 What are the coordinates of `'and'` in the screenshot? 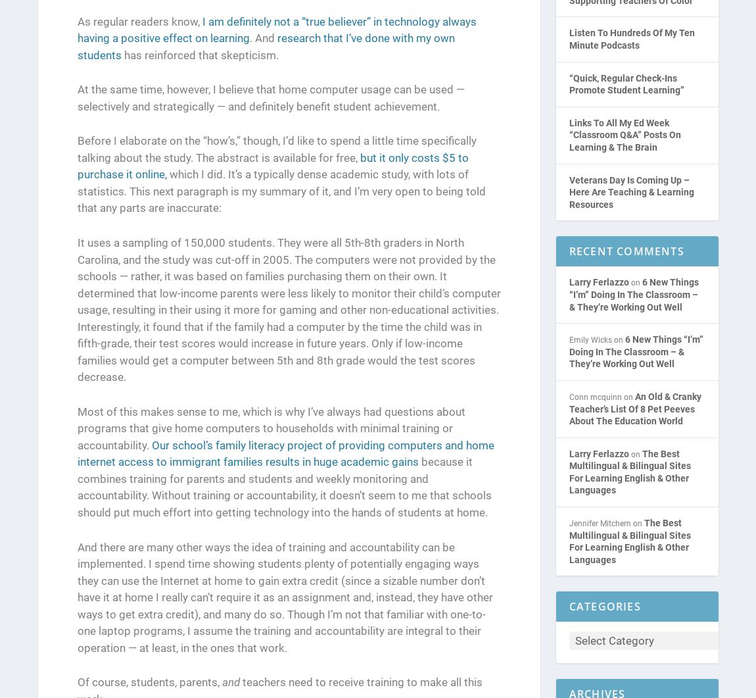 It's located at (231, 682).